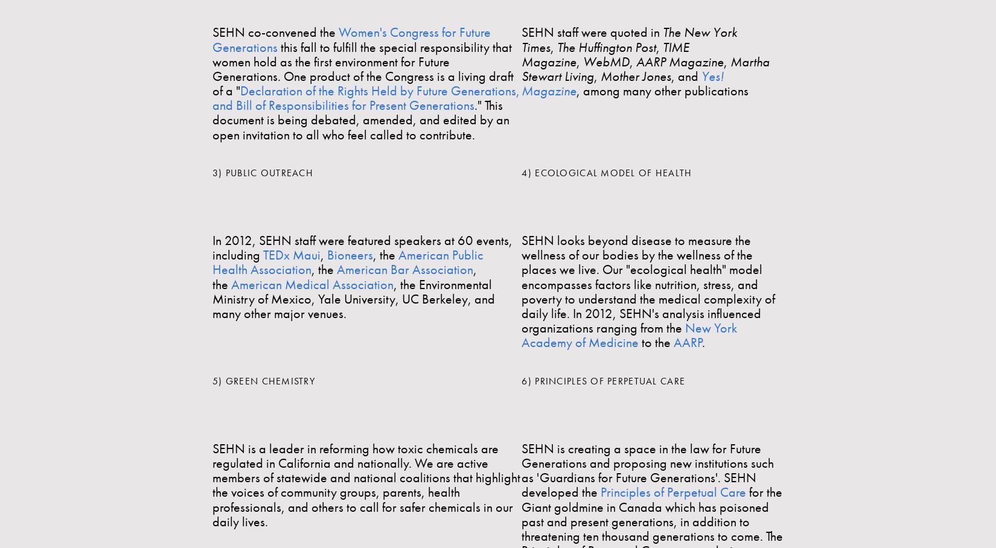 The height and width of the screenshot is (548, 996). What do you see at coordinates (656, 342) in the screenshot?
I see `'to the'` at bounding box center [656, 342].